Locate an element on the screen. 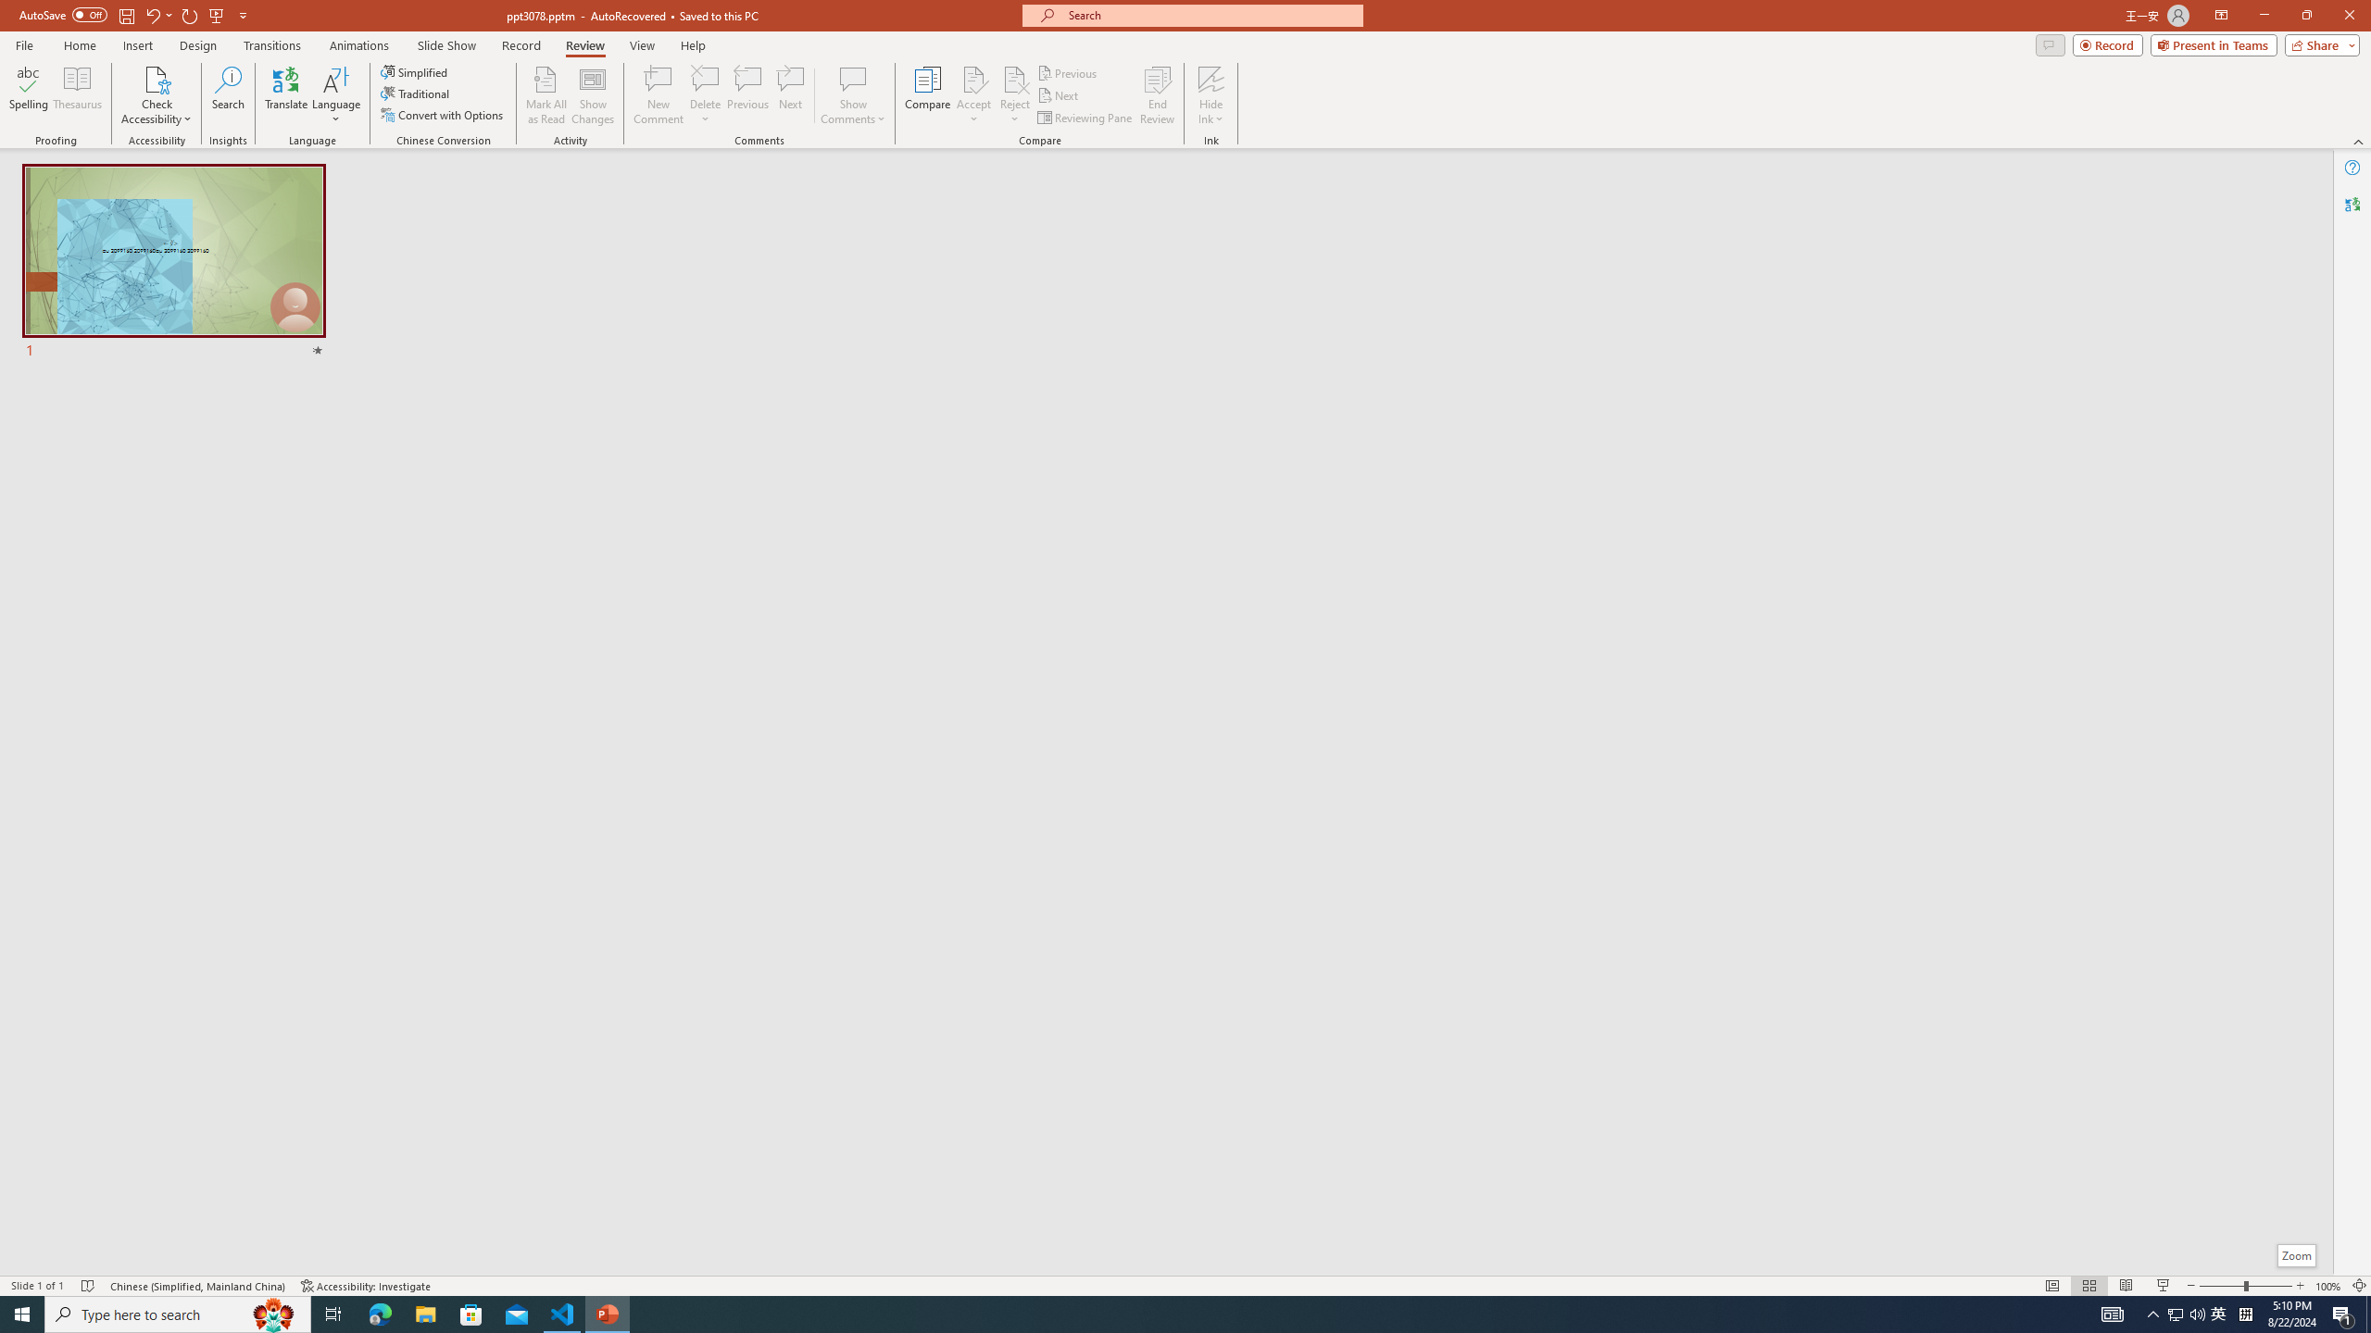 The width and height of the screenshot is (2371, 1333). 'Convert with Options...' is located at coordinates (442, 113).